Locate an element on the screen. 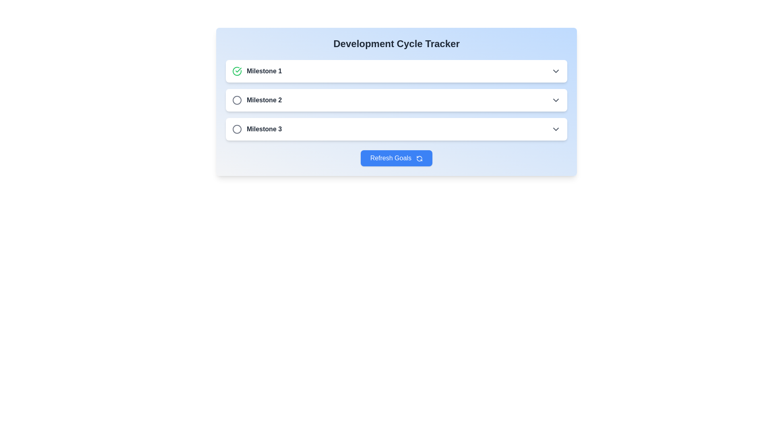 This screenshot has width=773, height=435. the checkmark icon representing milestone completion in the 'Development Cycle Tracker' section, located to the left of the text label 'Milestone 1' is located at coordinates (237, 71).